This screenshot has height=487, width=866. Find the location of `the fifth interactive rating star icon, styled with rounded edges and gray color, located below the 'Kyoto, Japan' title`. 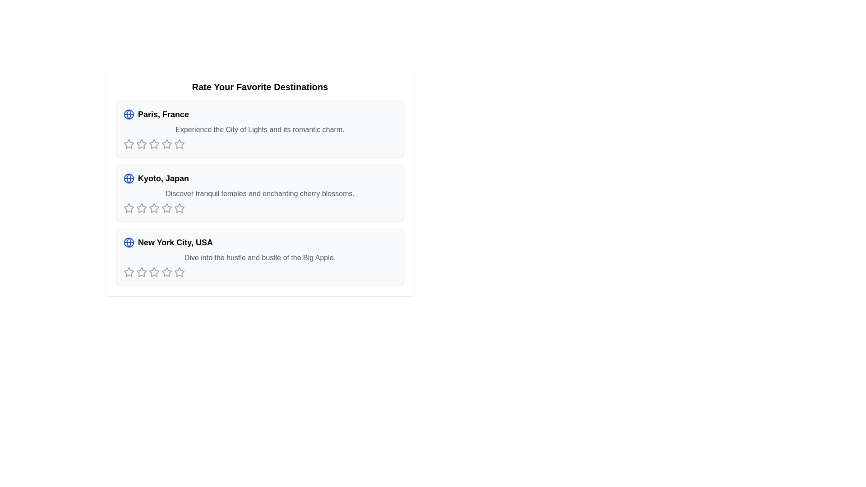

the fifth interactive rating star icon, styled with rounded edges and gray color, located below the 'Kyoto, Japan' title is located at coordinates (166, 208).